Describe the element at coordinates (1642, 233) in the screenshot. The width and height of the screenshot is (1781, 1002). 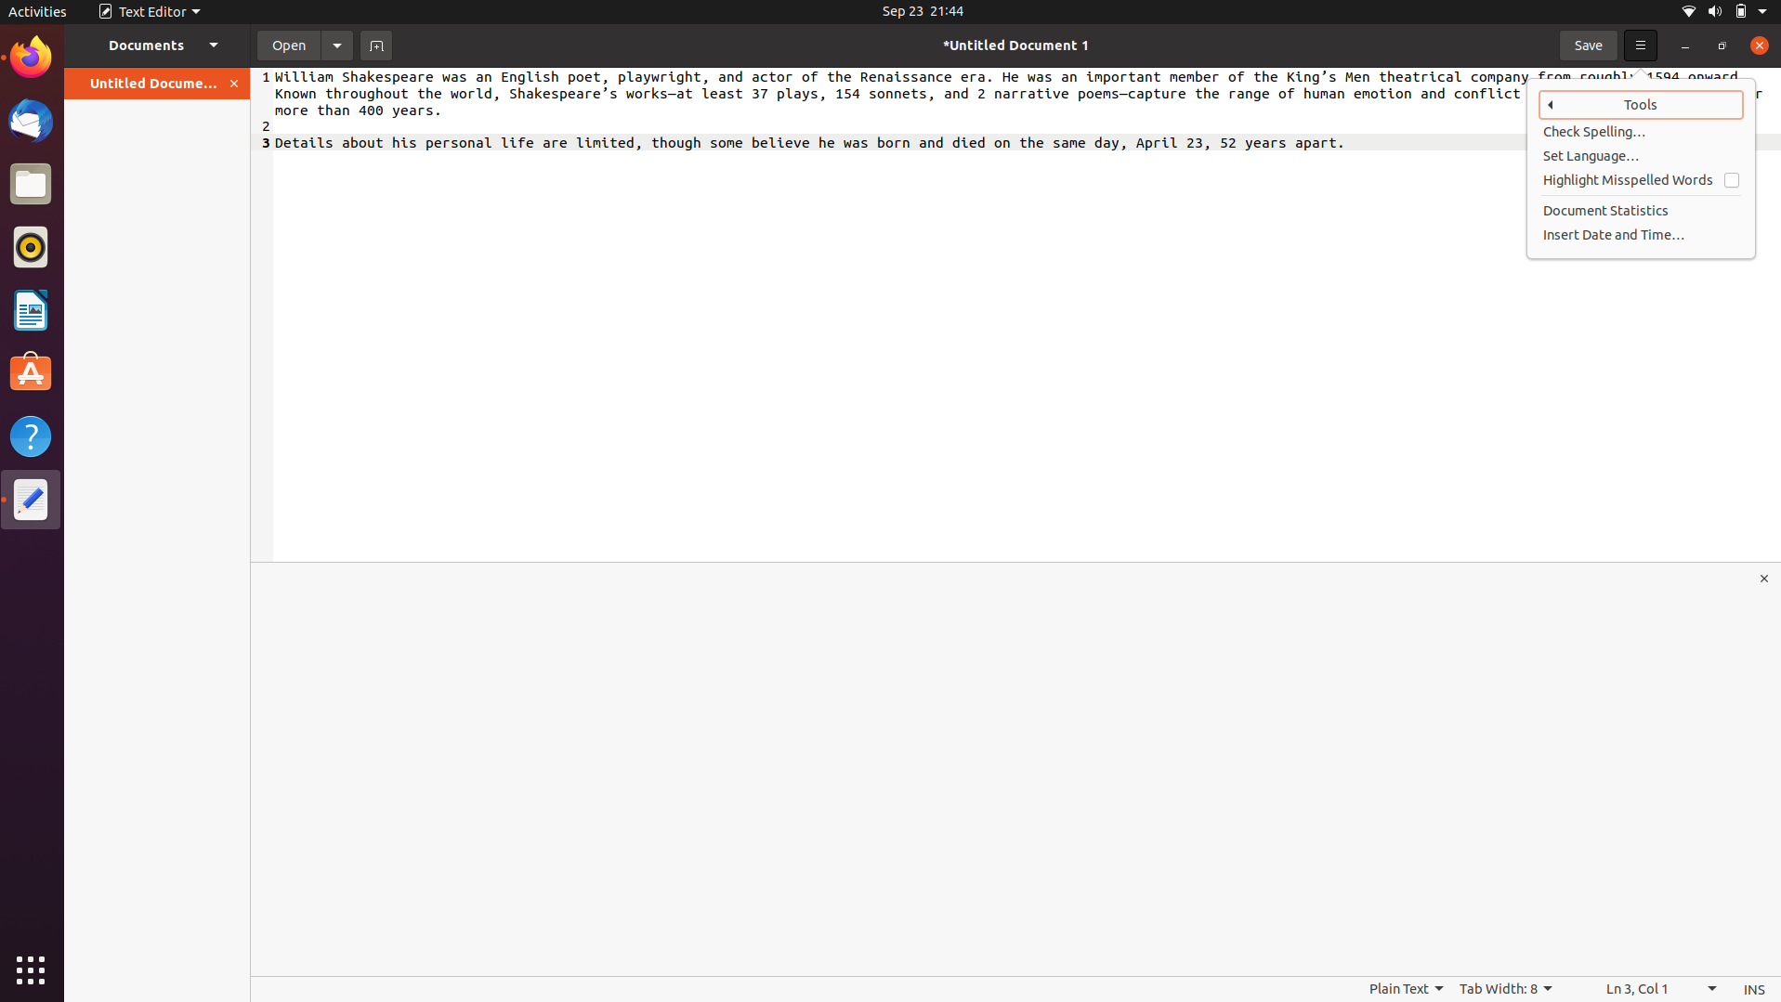
I see `Enter the present date and time` at that location.